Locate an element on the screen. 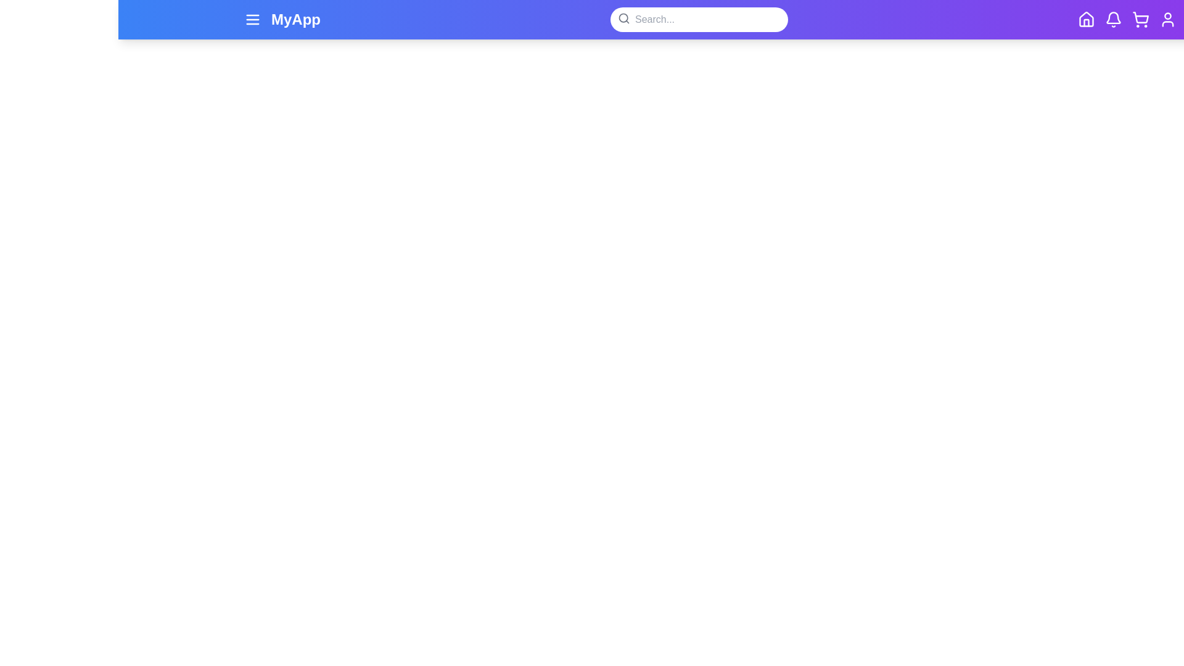  the app title text 'MyApp' displayed in the app bar is located at coordinates (296, 19).